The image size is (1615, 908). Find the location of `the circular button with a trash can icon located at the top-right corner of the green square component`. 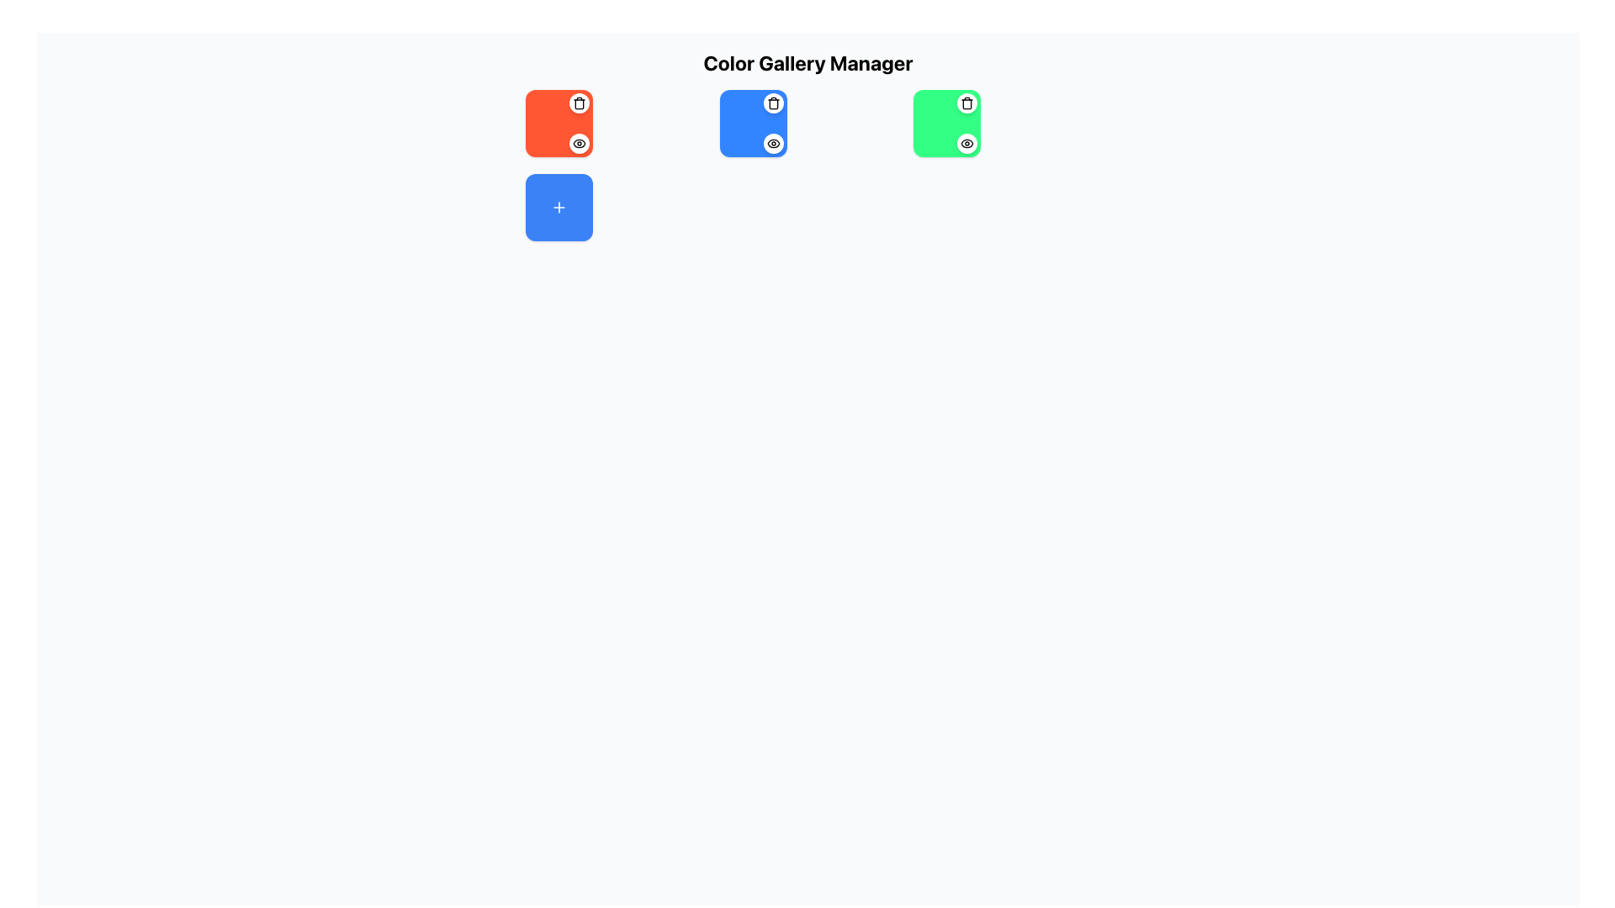

the circular button with a trash can icon located at the top-right corner of the green square component is located at coordinates (967, 103).